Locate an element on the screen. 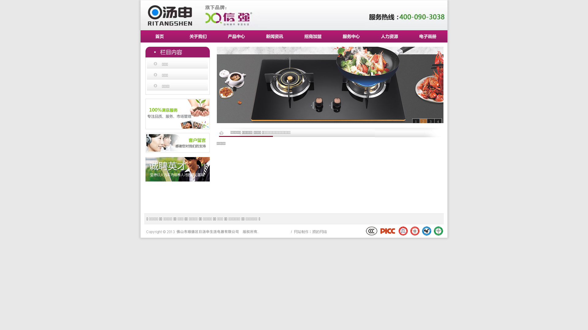 This screenshot has height=330, width=588. '3' is located at coordinates (426, 121).